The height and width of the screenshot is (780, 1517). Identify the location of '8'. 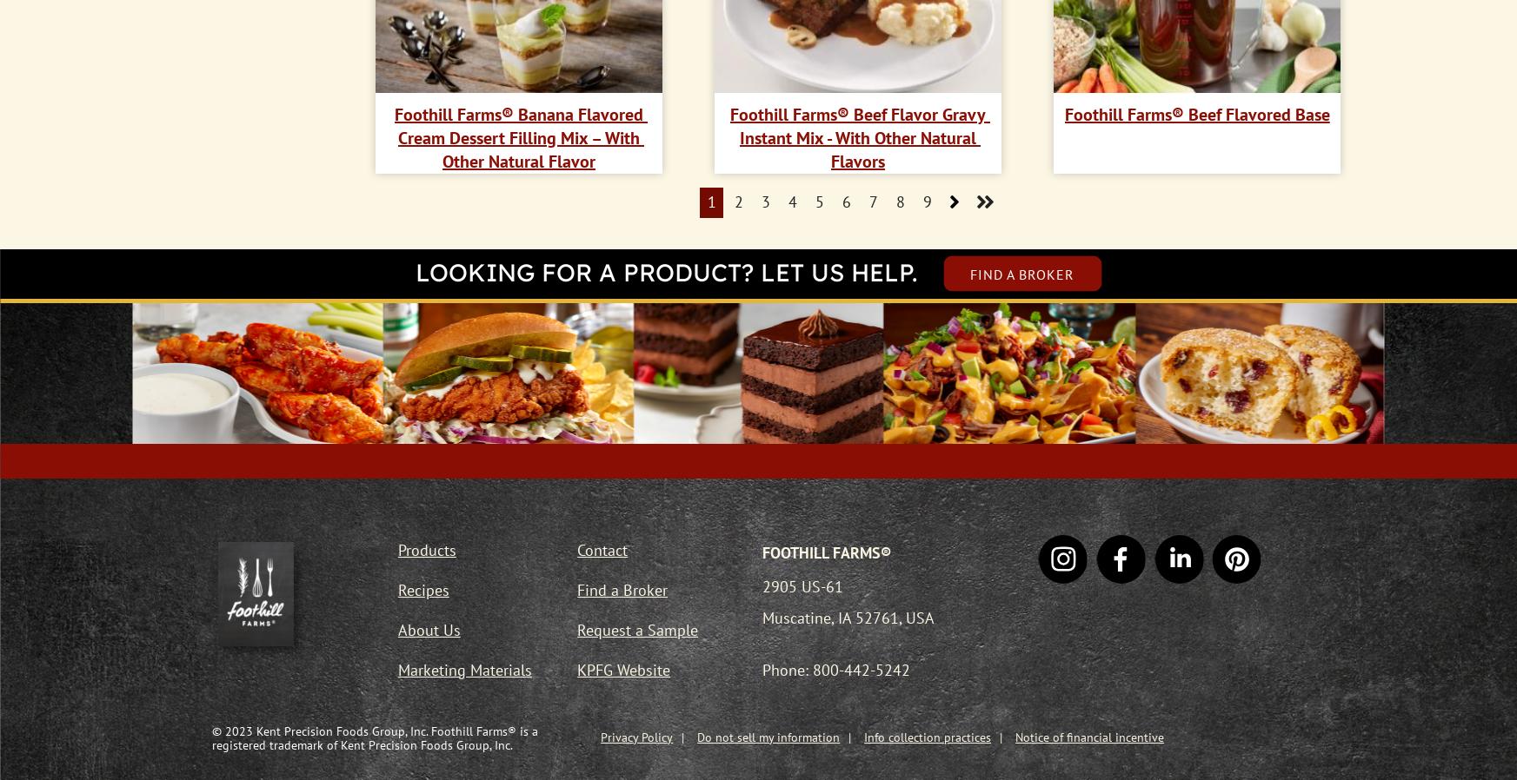
(898, 202).